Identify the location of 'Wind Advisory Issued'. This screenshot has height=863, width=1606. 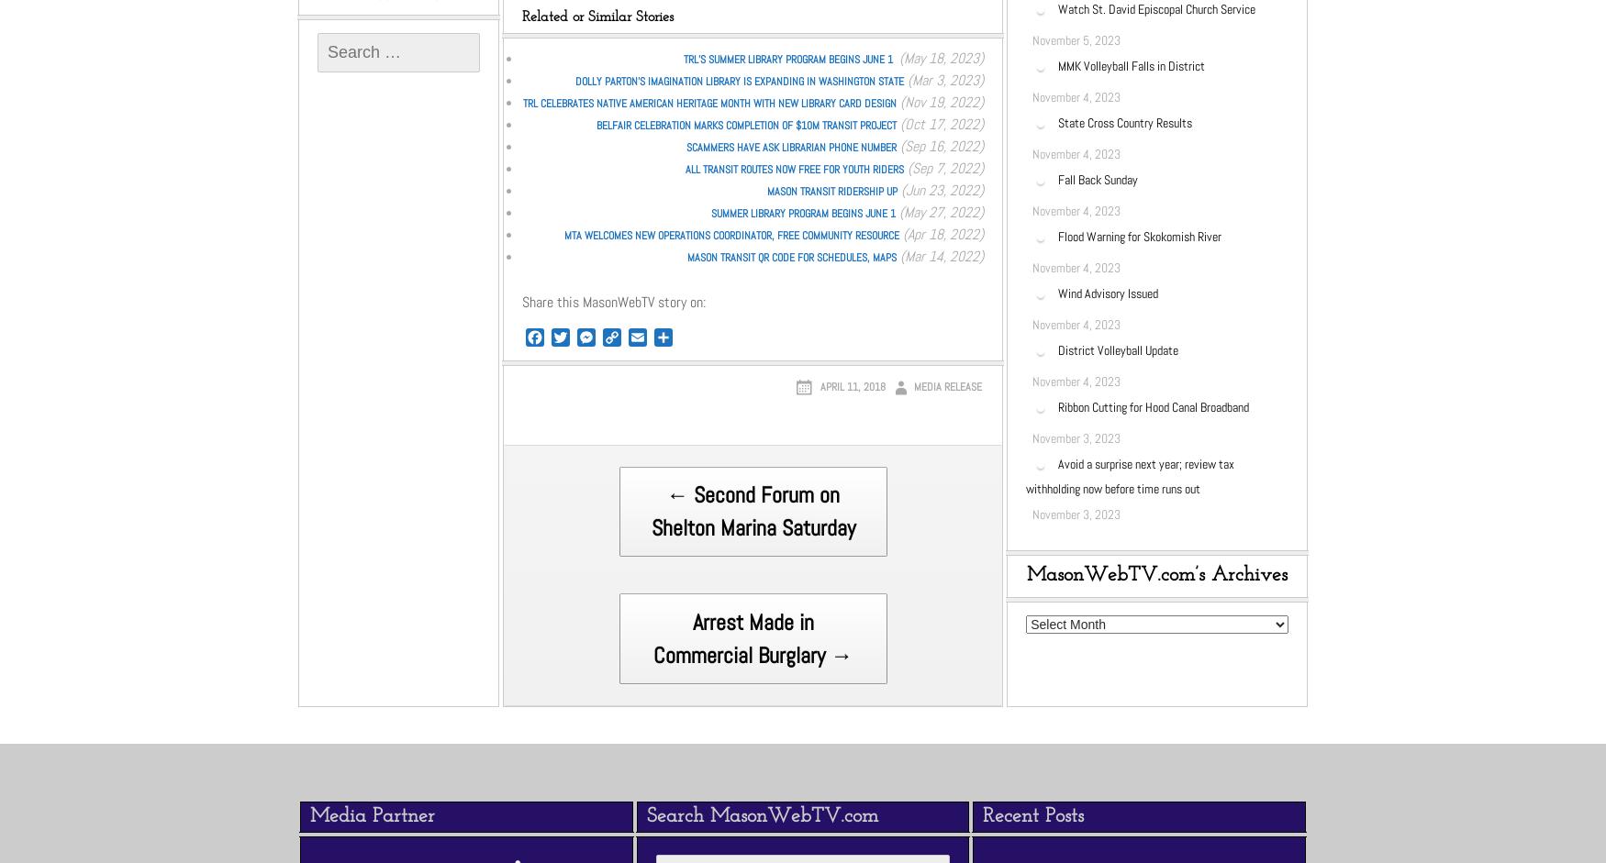
(1057, 291).